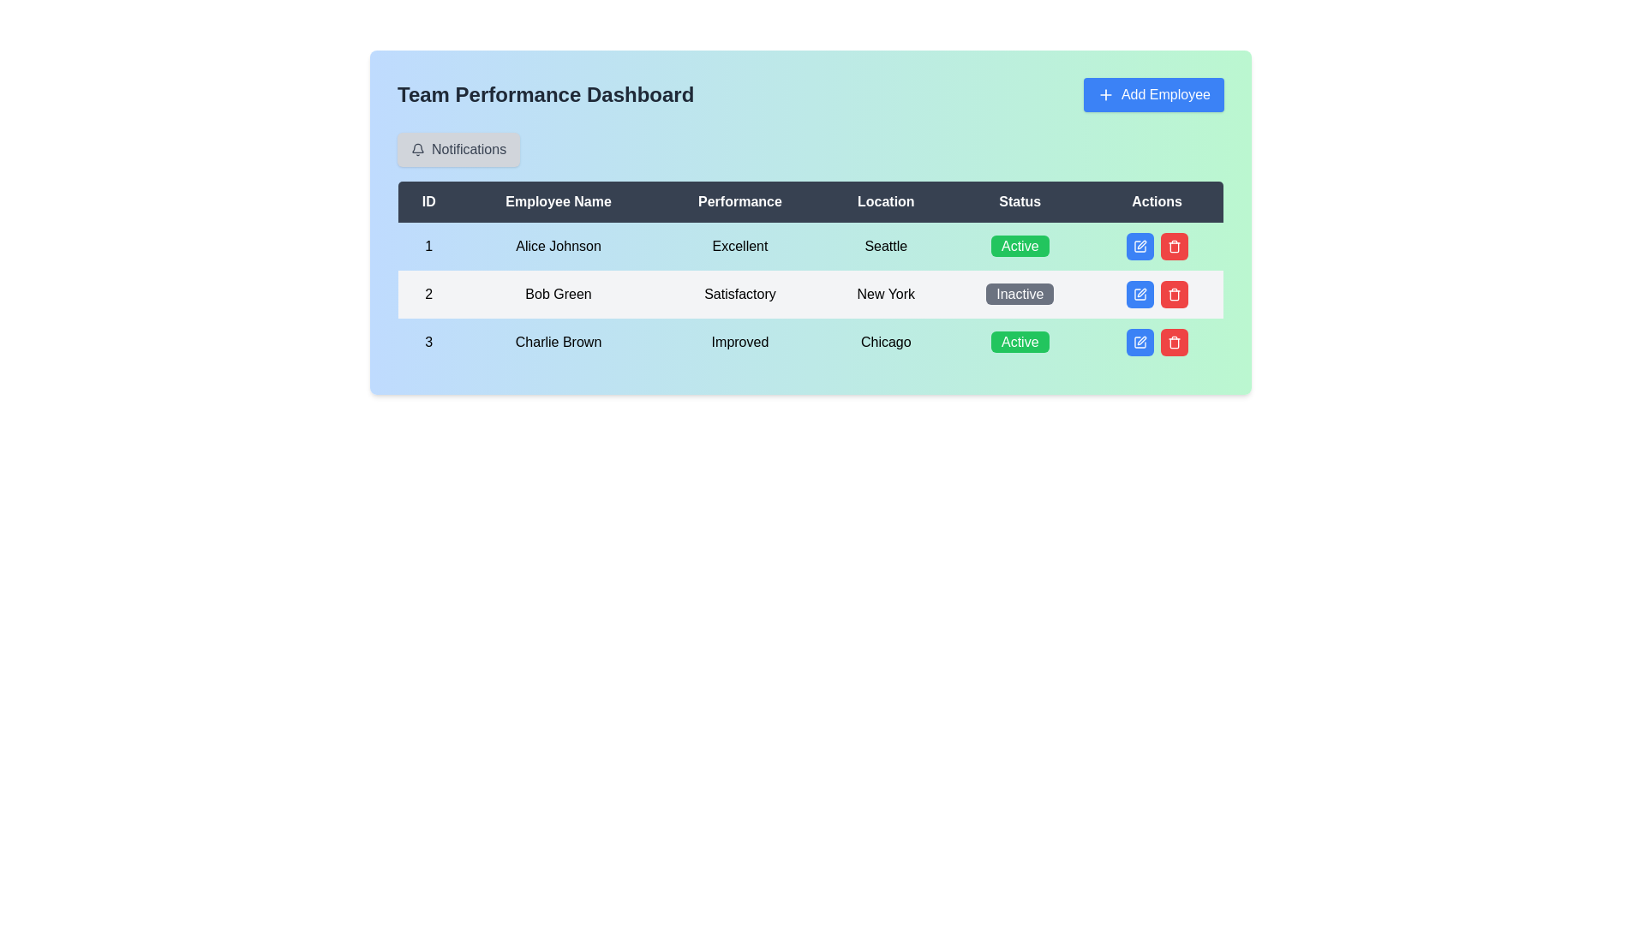  What do you see at coordinates (1141, 292) in the screenshot?
I see `the edit icon (a small vector graphic resembling a pen) located in the 'Actions' column for the row corresponding to 'Bob Green'` at bounding box center [1141, 292].